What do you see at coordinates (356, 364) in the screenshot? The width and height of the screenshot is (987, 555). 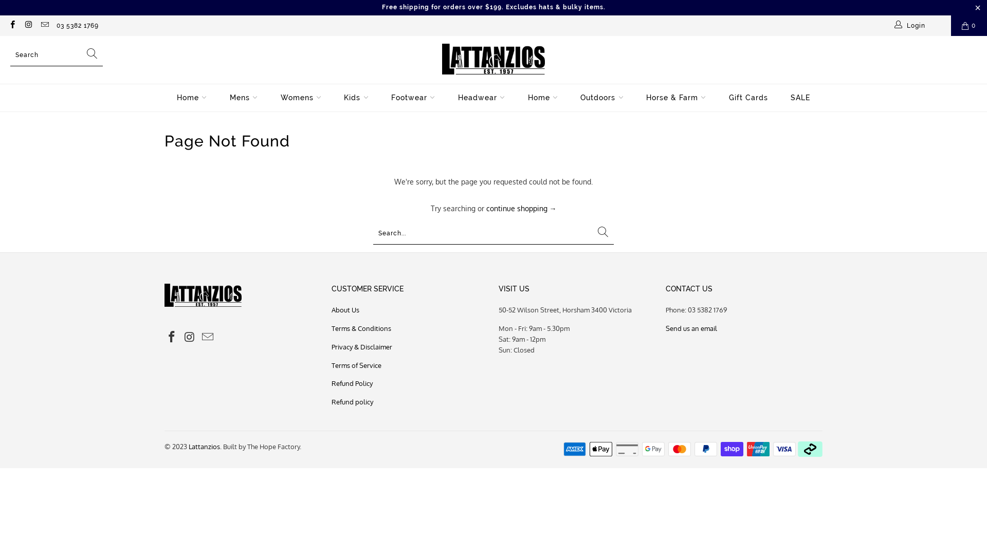 I see `'Terms of Service'` at bounding box center [356, 364].